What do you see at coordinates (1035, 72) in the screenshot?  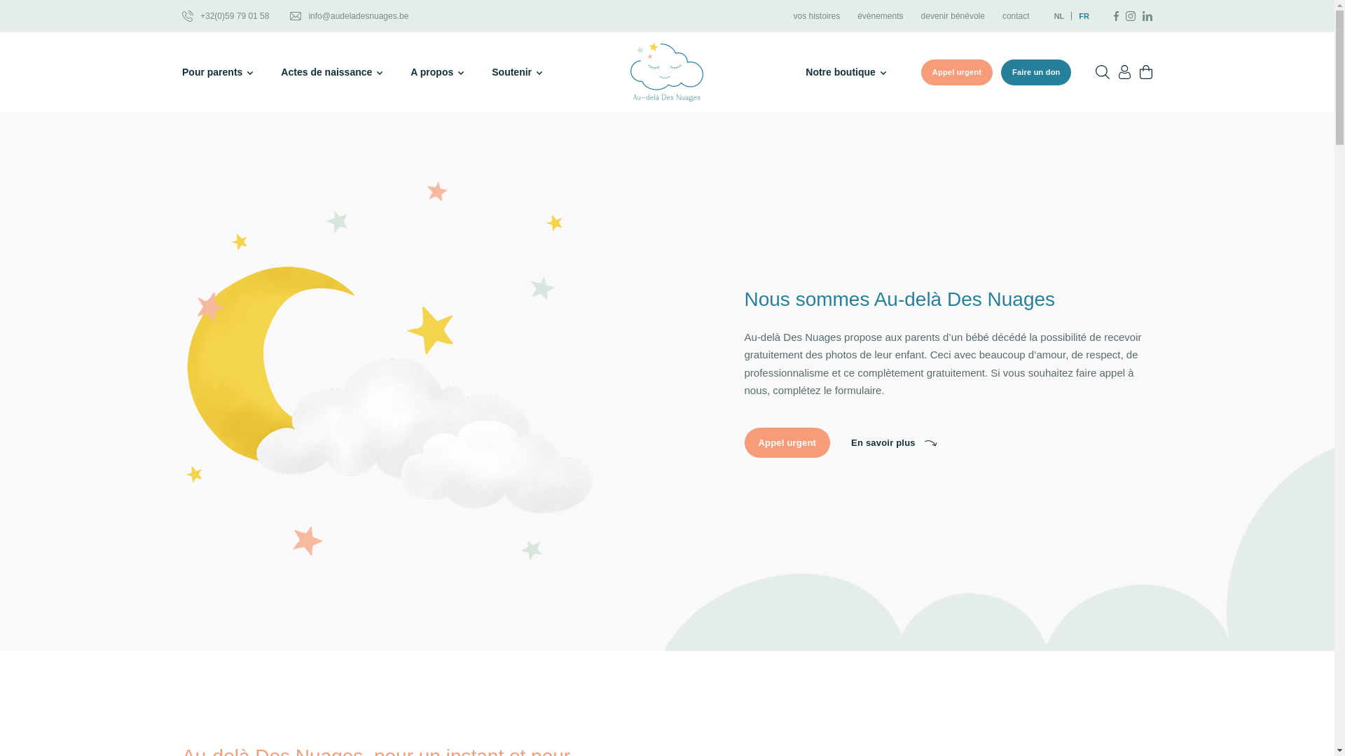 I see `'Faire un don'` at bounding box center [1035, 72].